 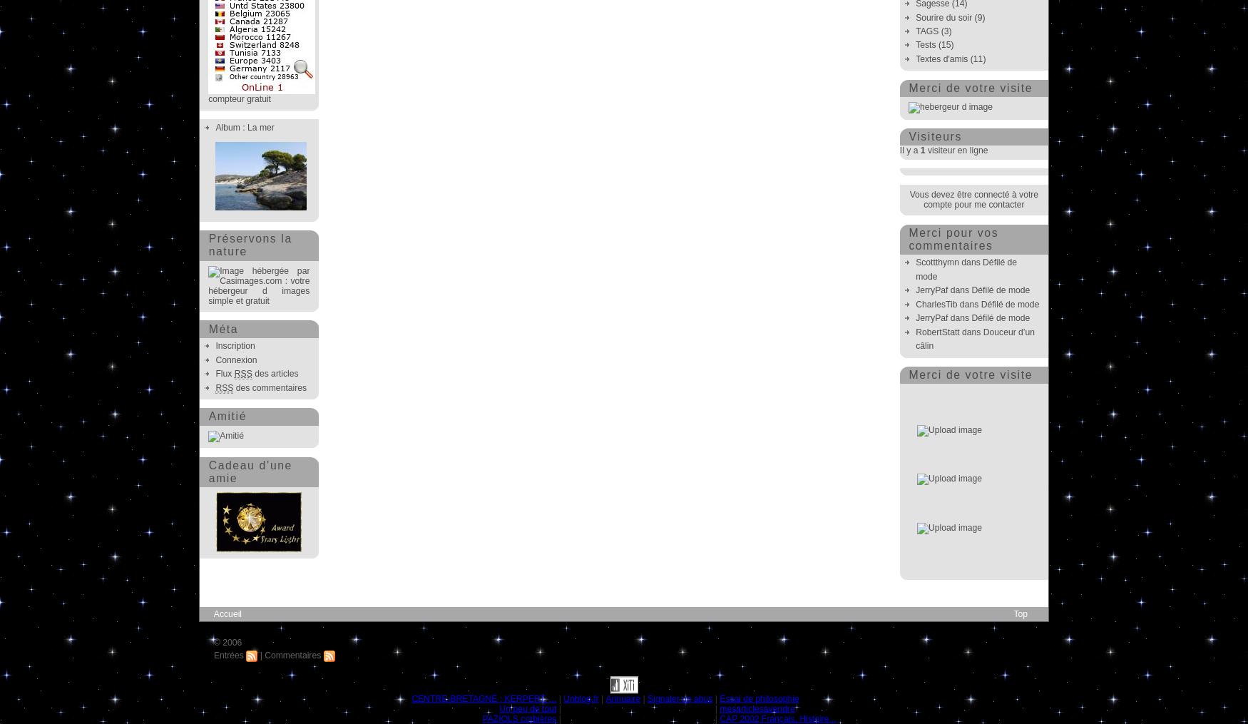 I want to click on 'Album : La mer', so click(x=245, y=126).